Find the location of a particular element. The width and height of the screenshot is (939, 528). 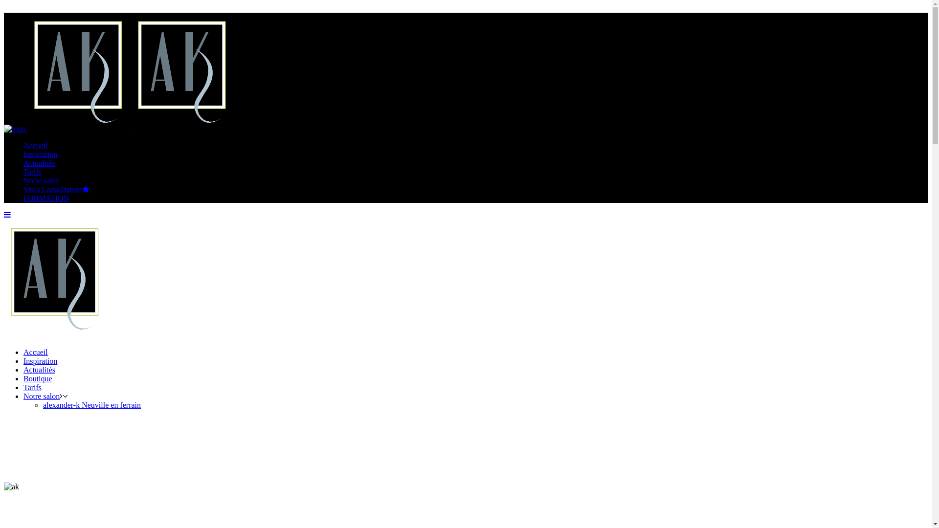

'FORMATION' is located at coordinates (45, 198).